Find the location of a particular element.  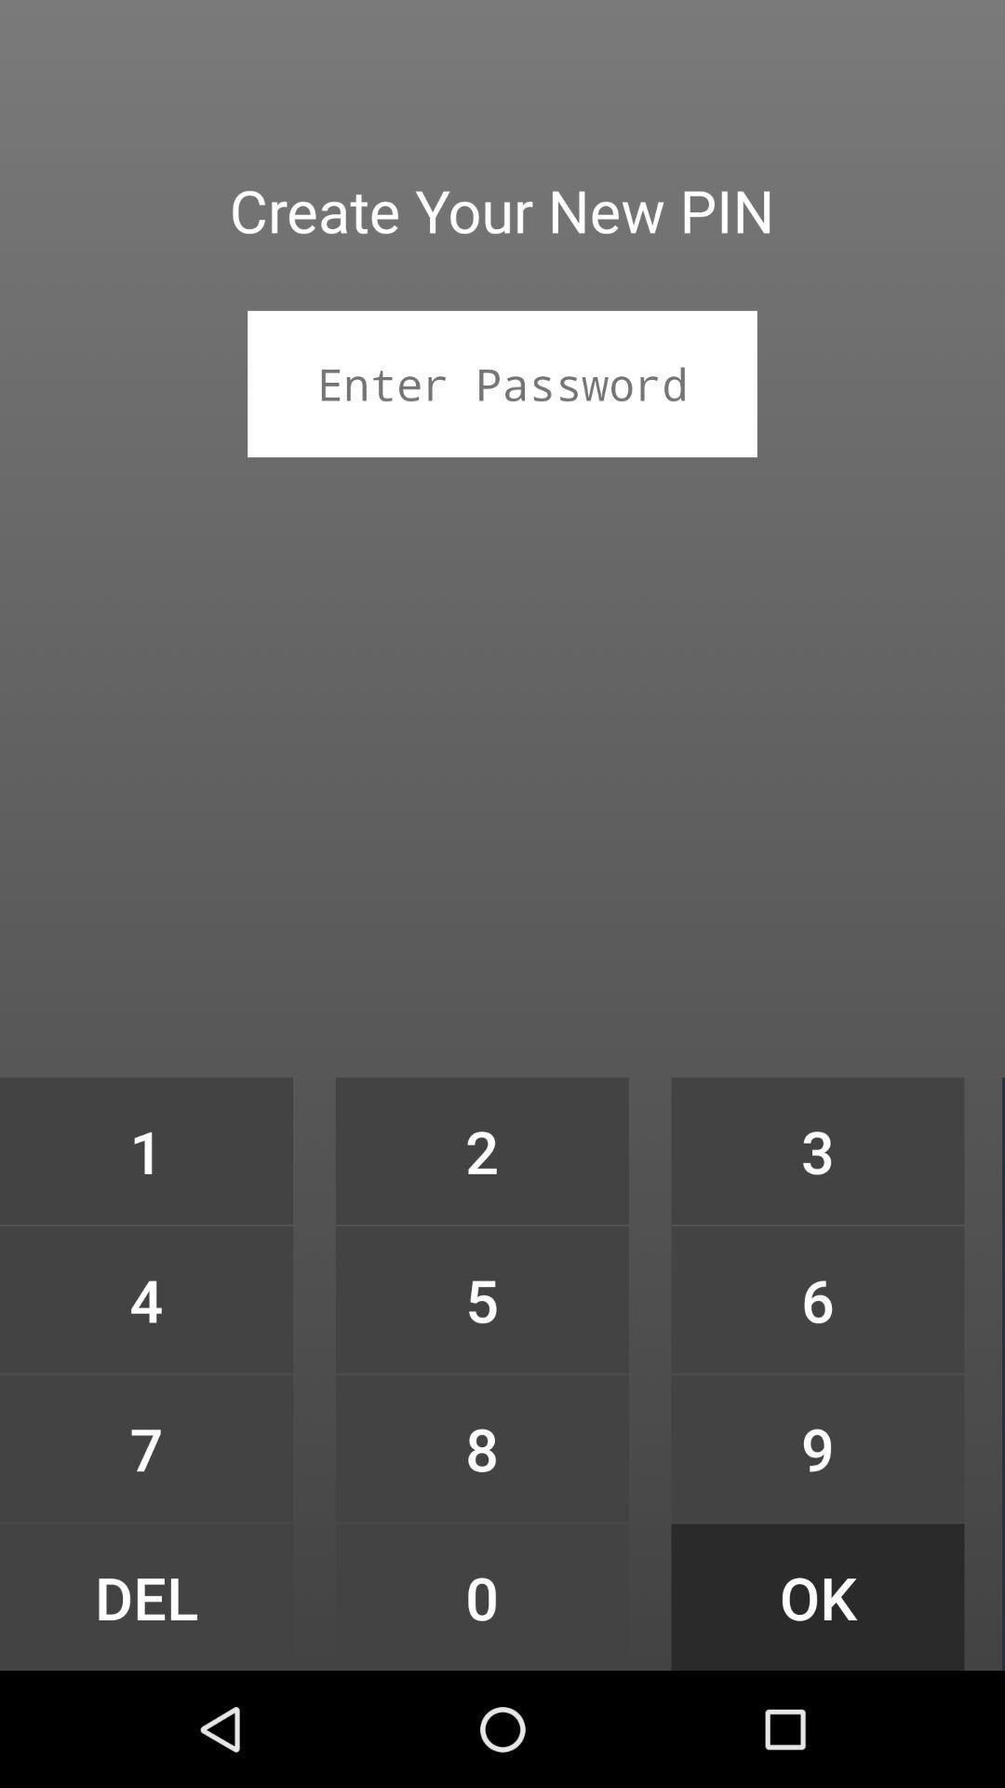

item next to the 5 is located at coordinates (145, 1447).